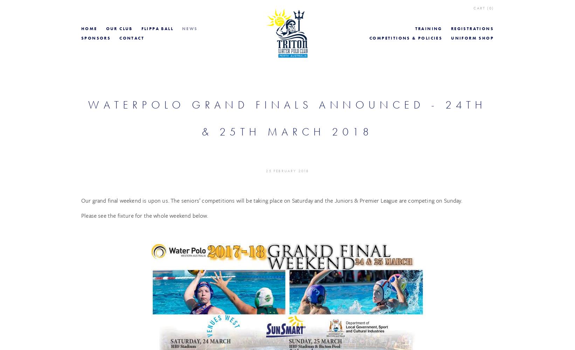 The image size is (575, 350). Describe the element at coordinates (428, 28) in the screenshot. I see `'Training'` at that location.